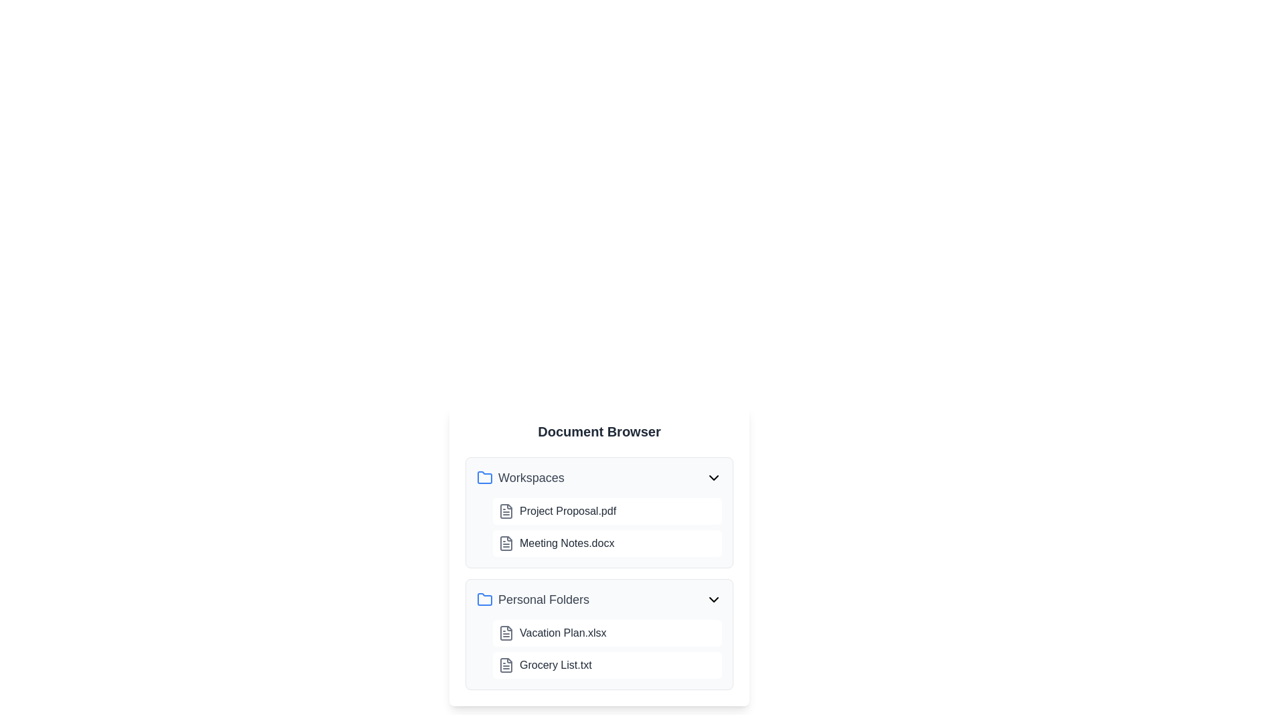 This screenshot has width=1286, height=723. Describe the element at coordinates (505, 544) in the screenshot. I see `the document file icon resembling a gray document with horizontal text lines, located to the left of 'Meeting Notes.docx' in the 'Workspaces' section of the 'Document Browser'` at that location.